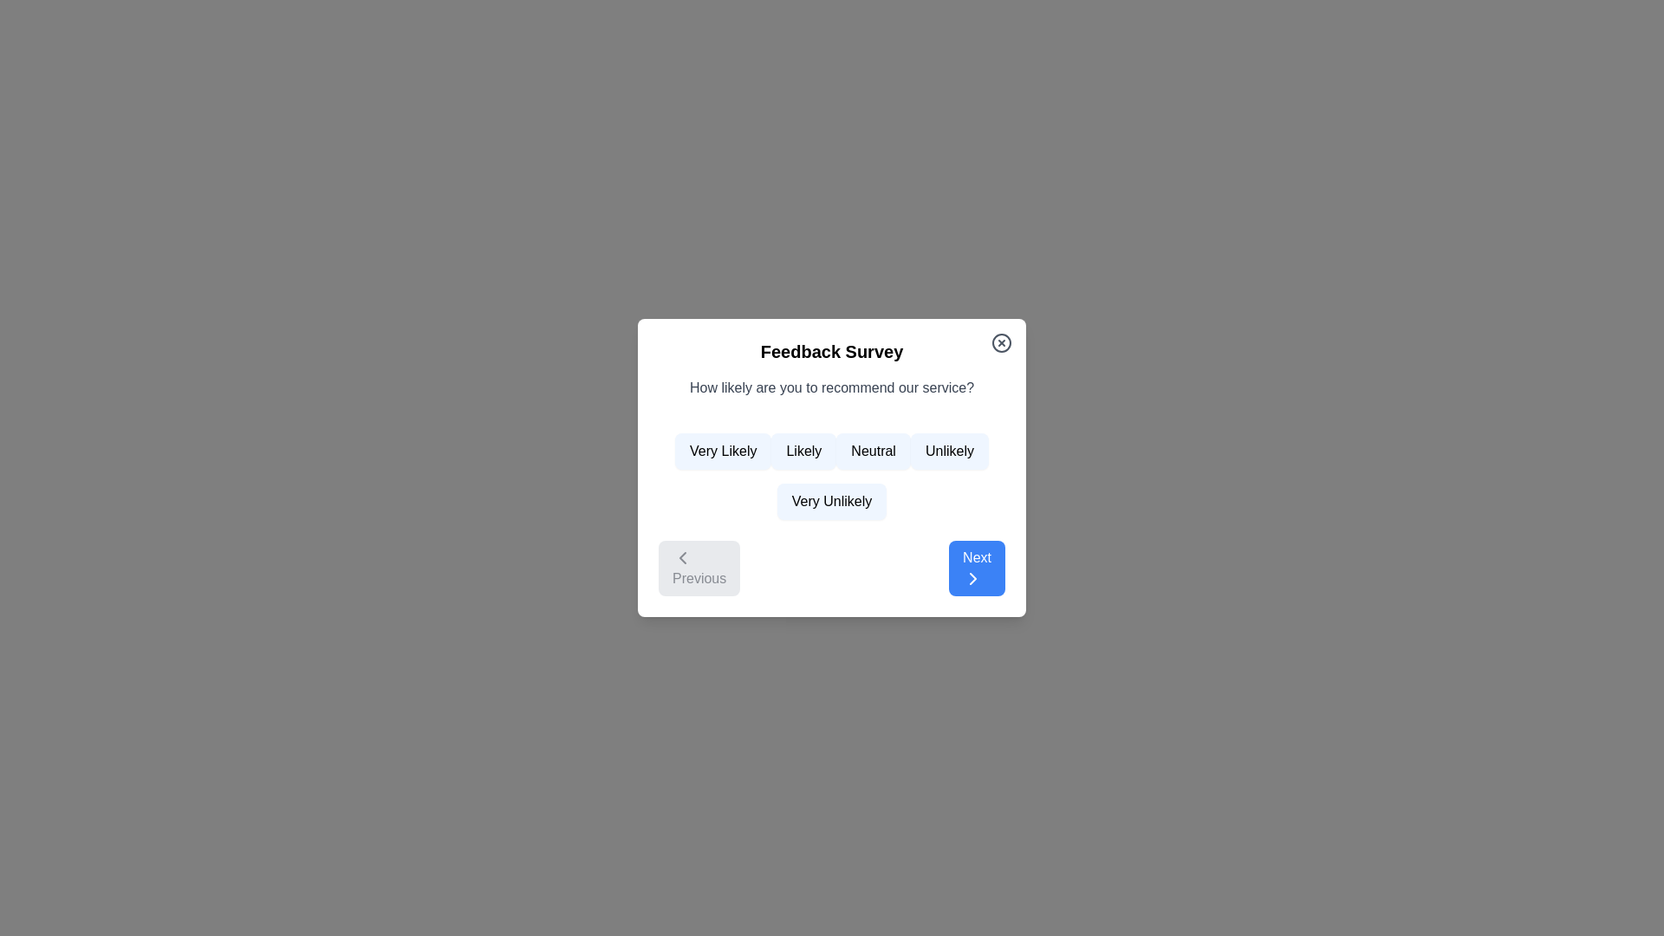 This screenshot has width=1664, height=936. Describe the element at coordinates (803, 450) in the screenshot. I see `the light blue rectangular button labeled 'Likely'` at that location.